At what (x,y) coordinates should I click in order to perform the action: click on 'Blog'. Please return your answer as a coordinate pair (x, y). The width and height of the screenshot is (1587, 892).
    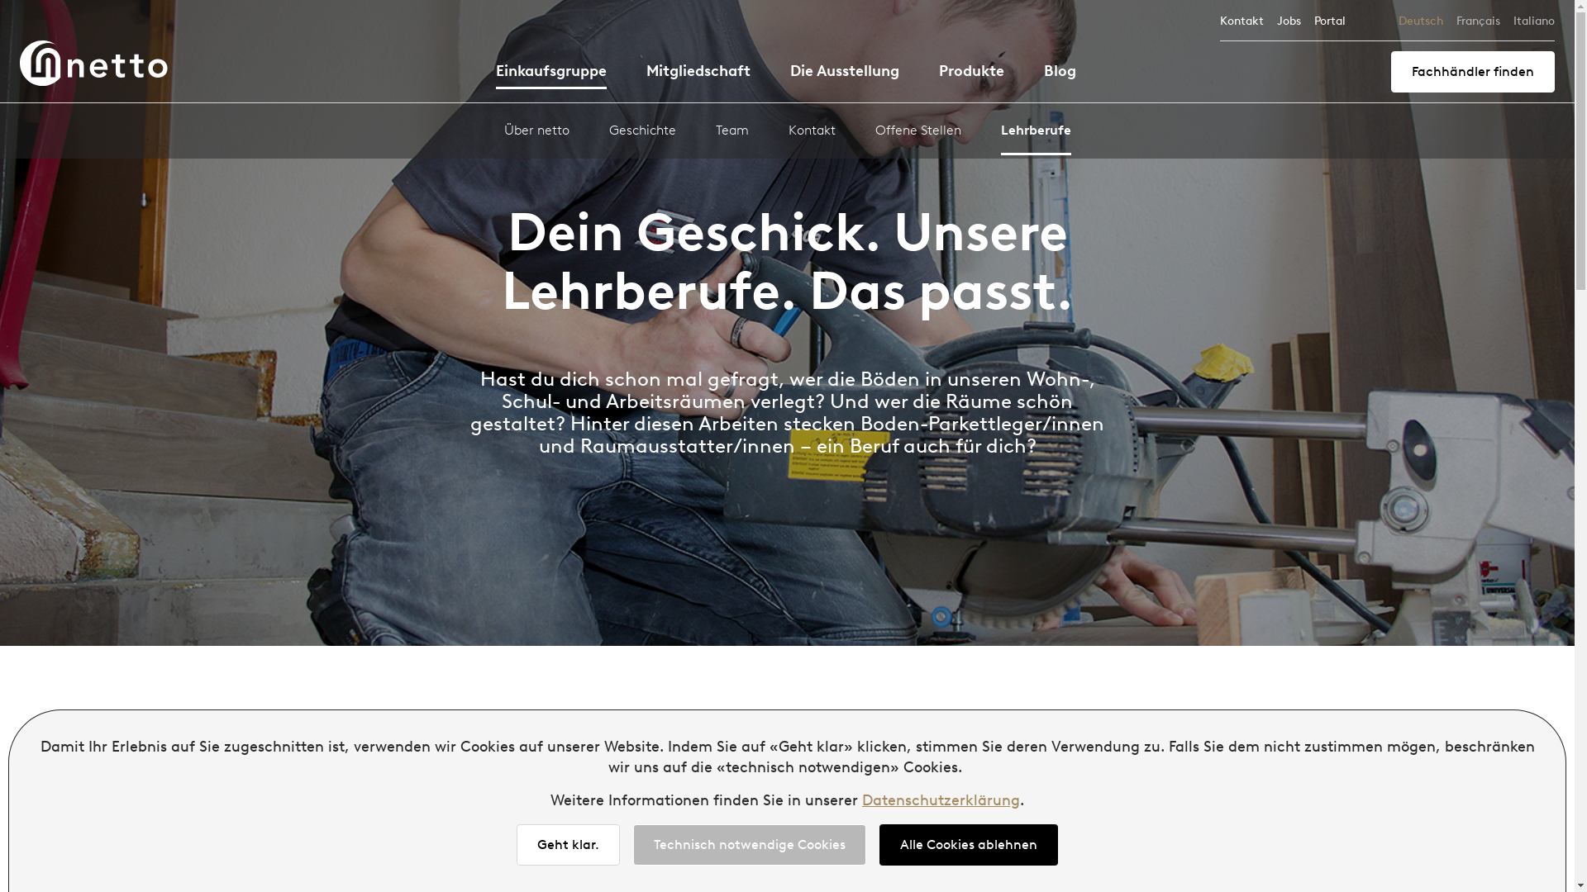
    Looking at the image, I should click on (1060, 73).